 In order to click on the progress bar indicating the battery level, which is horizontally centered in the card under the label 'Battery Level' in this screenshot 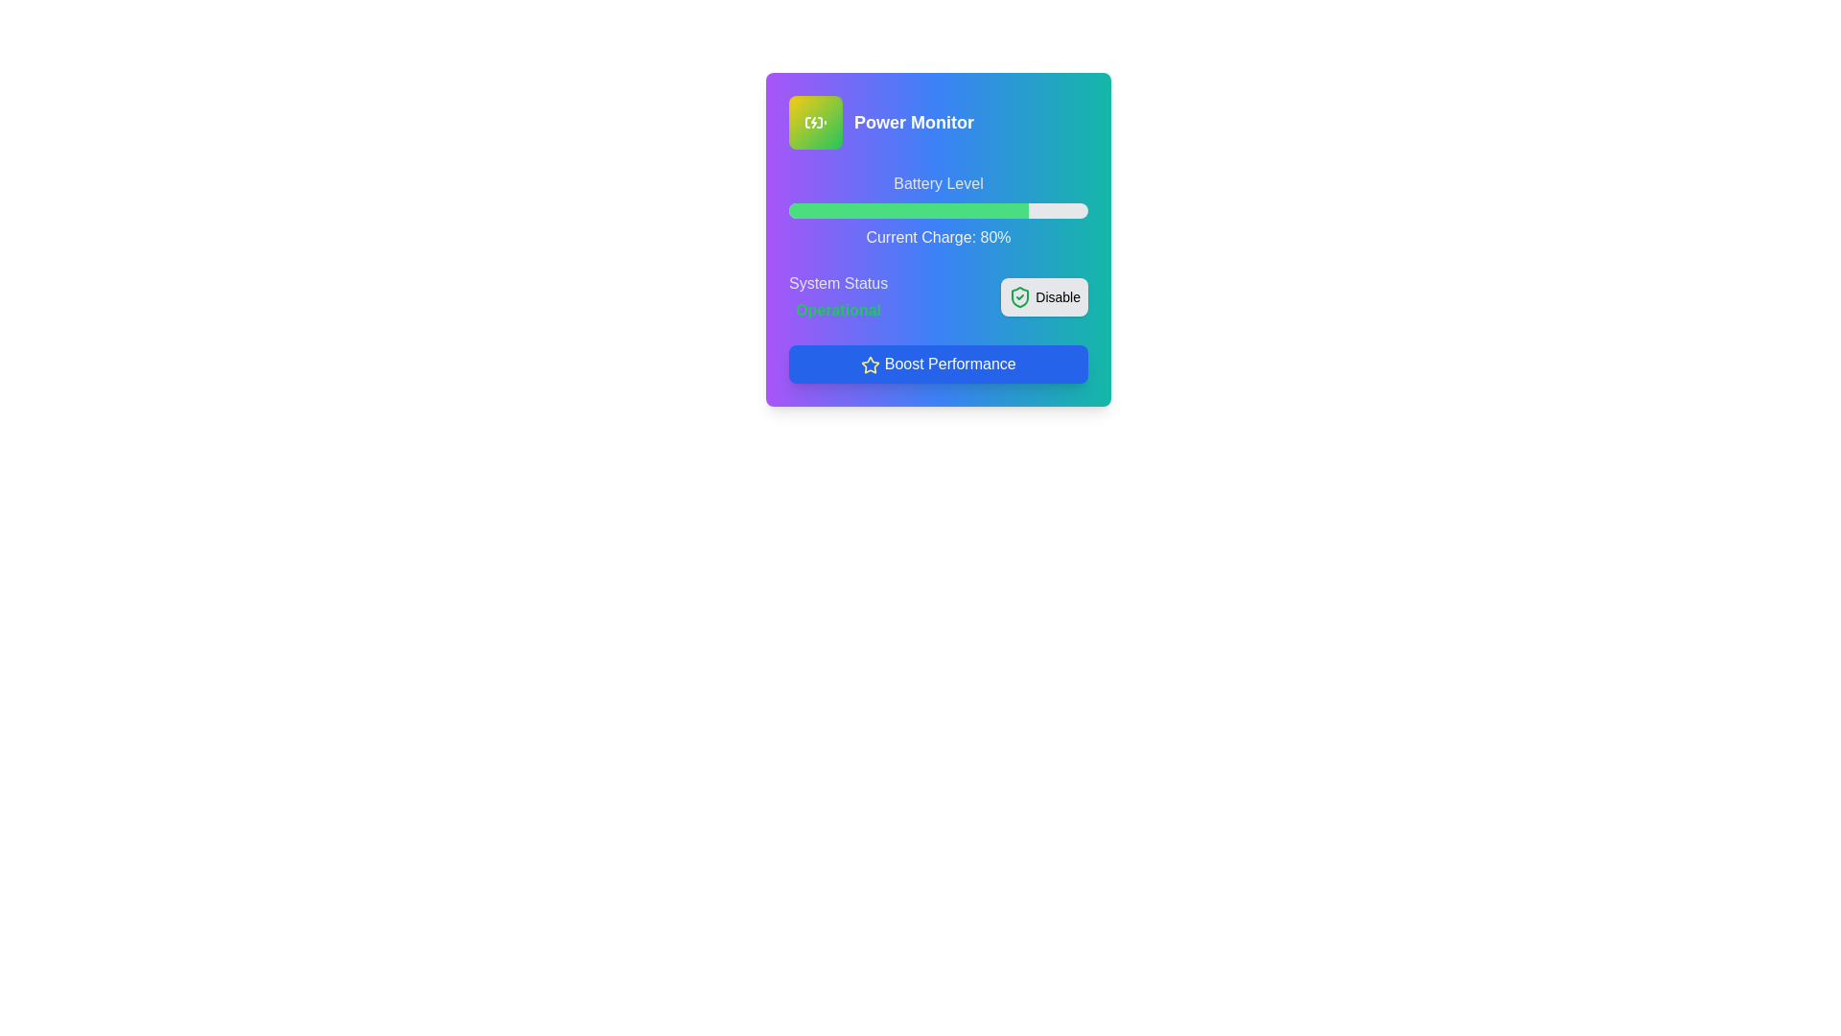, I will do `click(939, 210)`.